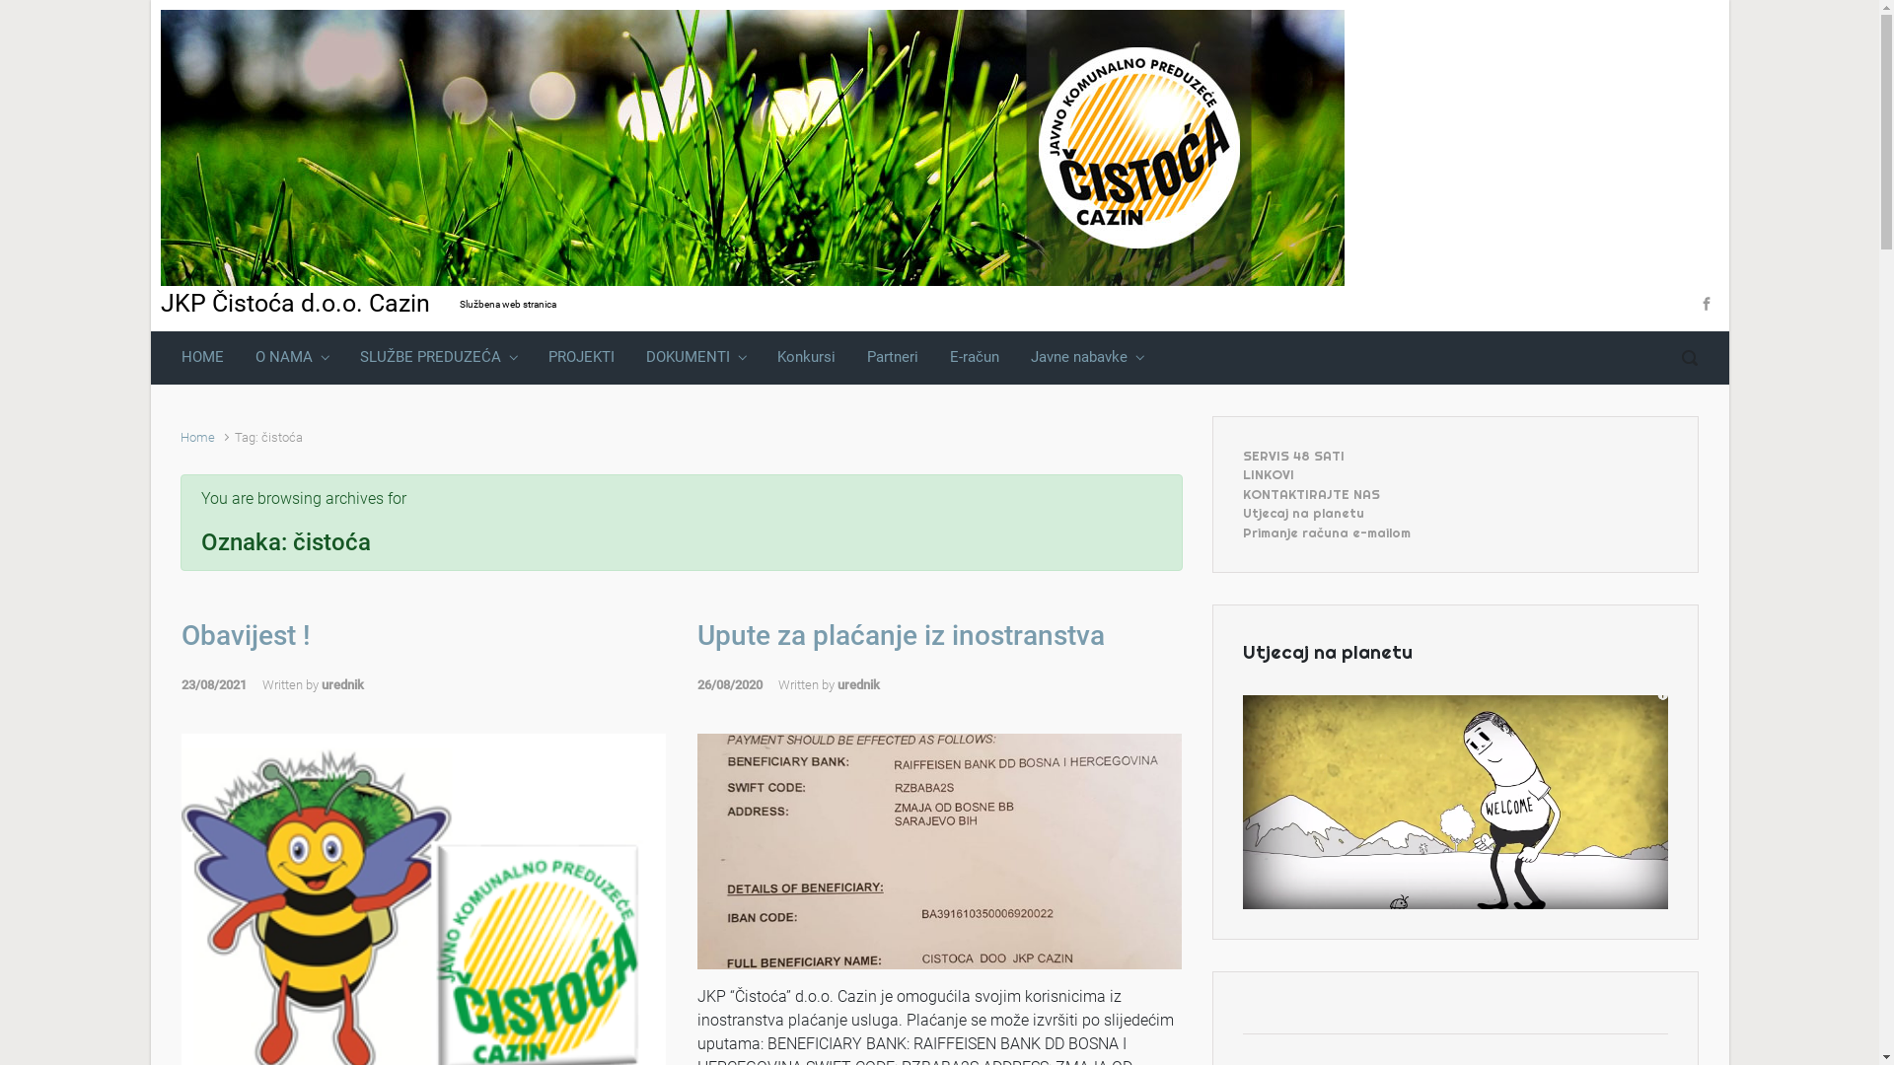 This screenshot has width=1894, height=1065. I want to click on '23/08/2021', so click(222, 683).